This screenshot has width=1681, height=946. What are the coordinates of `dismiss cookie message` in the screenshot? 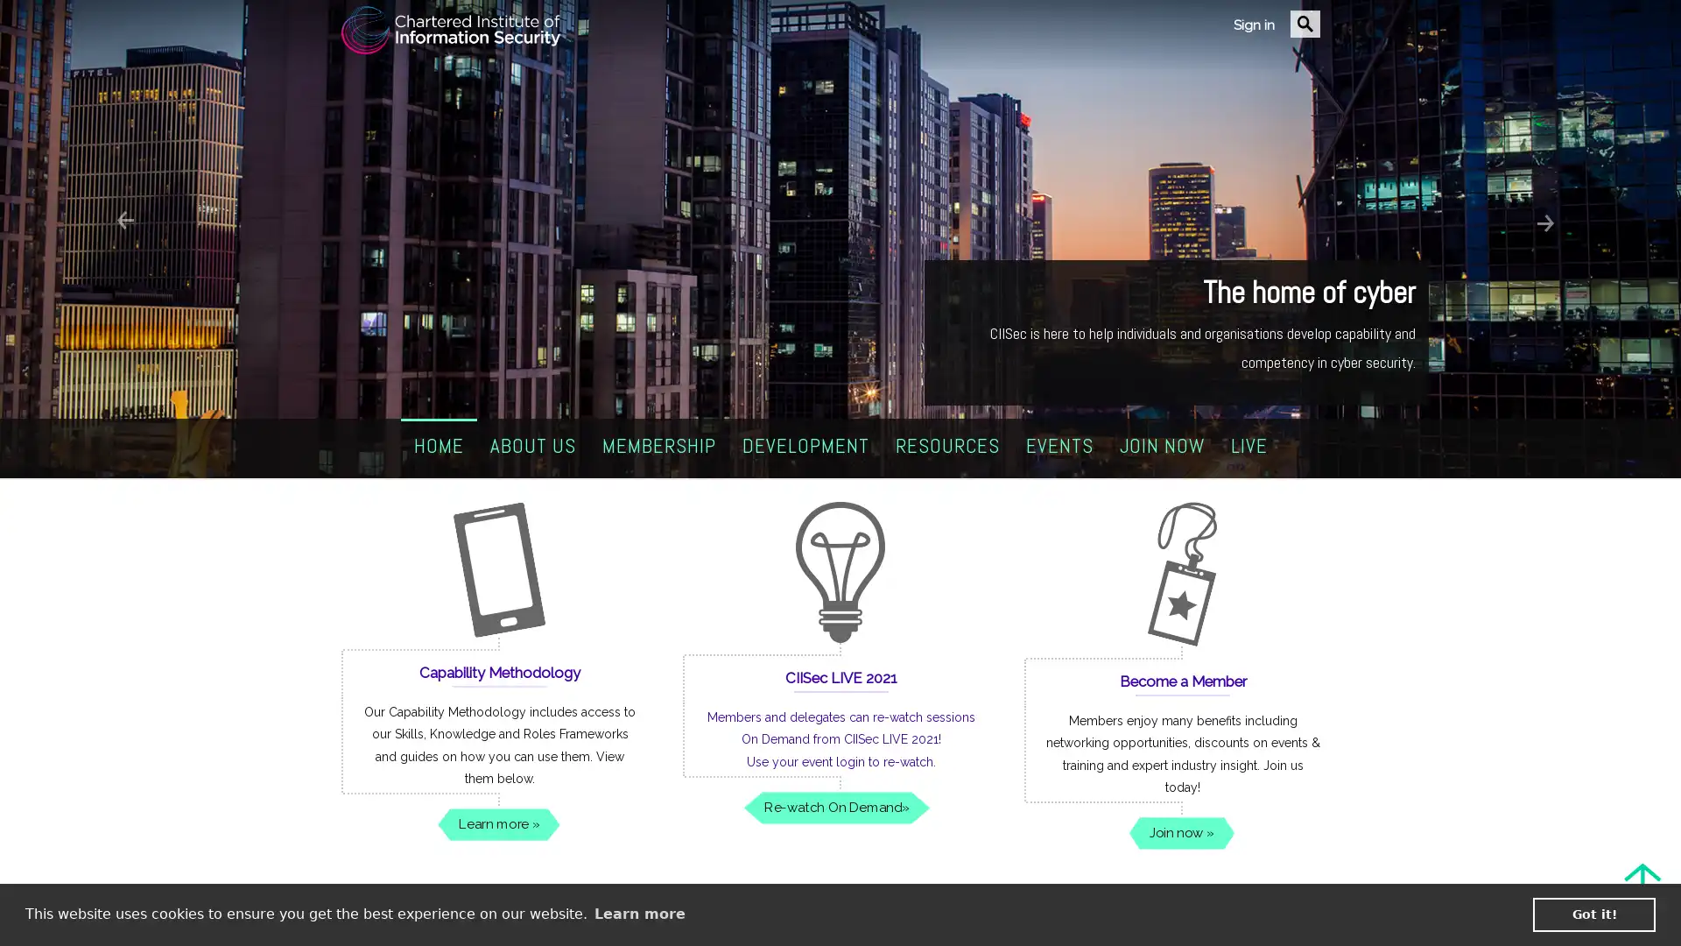 It's located at (1593, 914).